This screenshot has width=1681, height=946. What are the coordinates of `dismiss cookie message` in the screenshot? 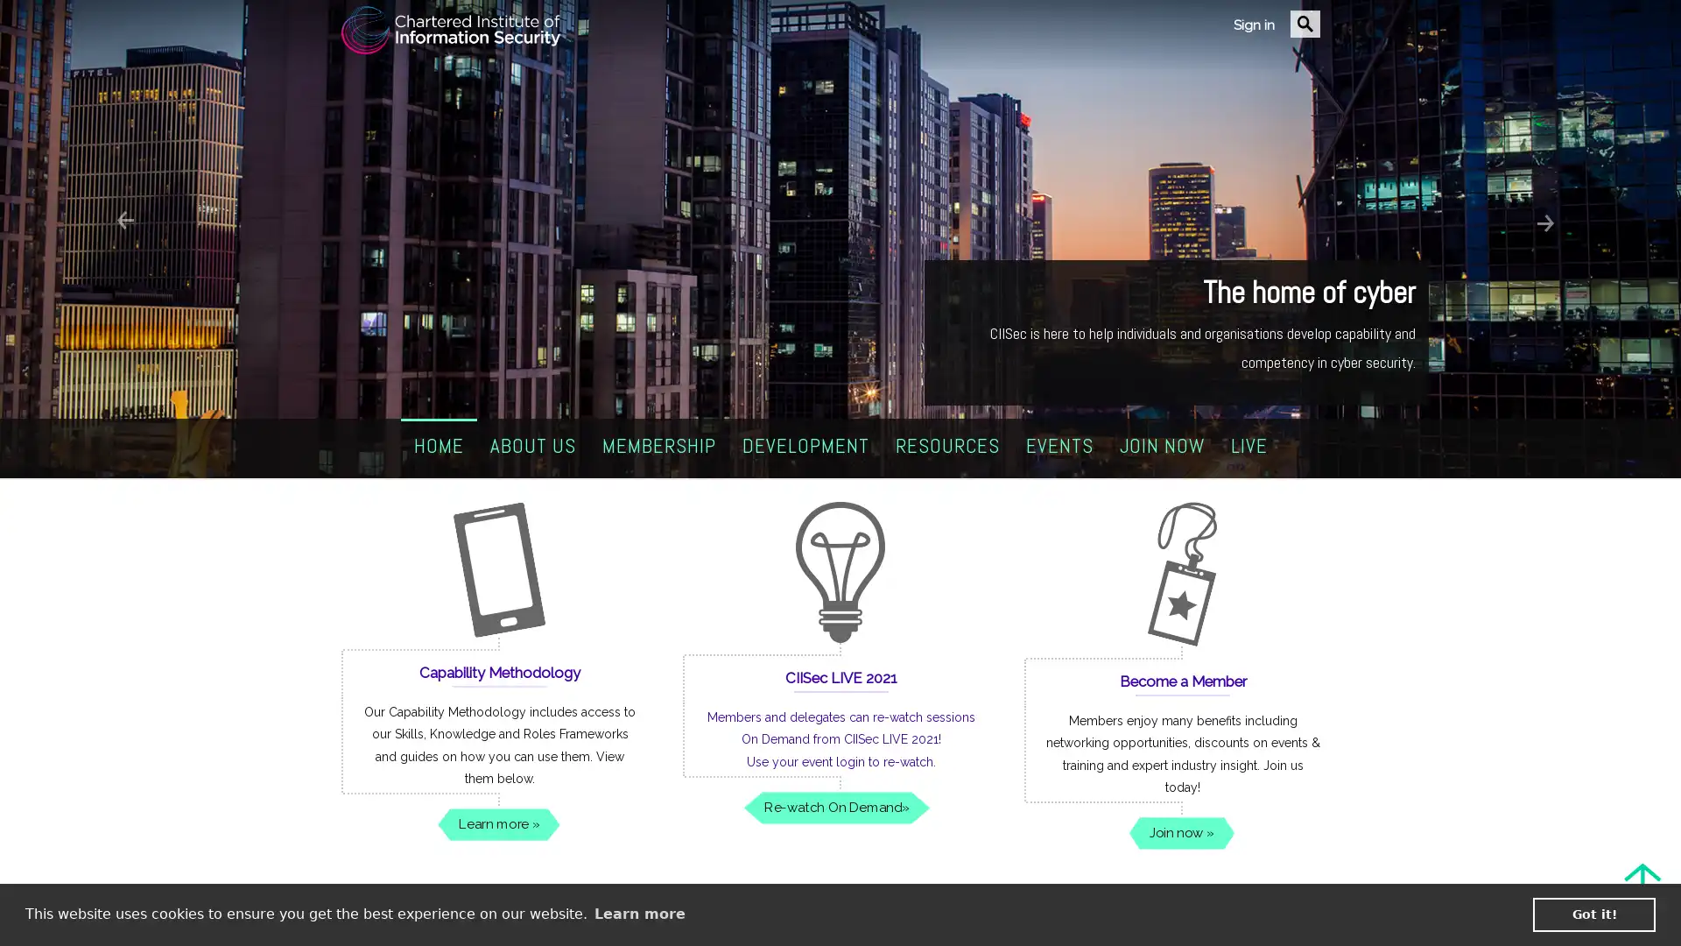 It's located at (1593, 914).